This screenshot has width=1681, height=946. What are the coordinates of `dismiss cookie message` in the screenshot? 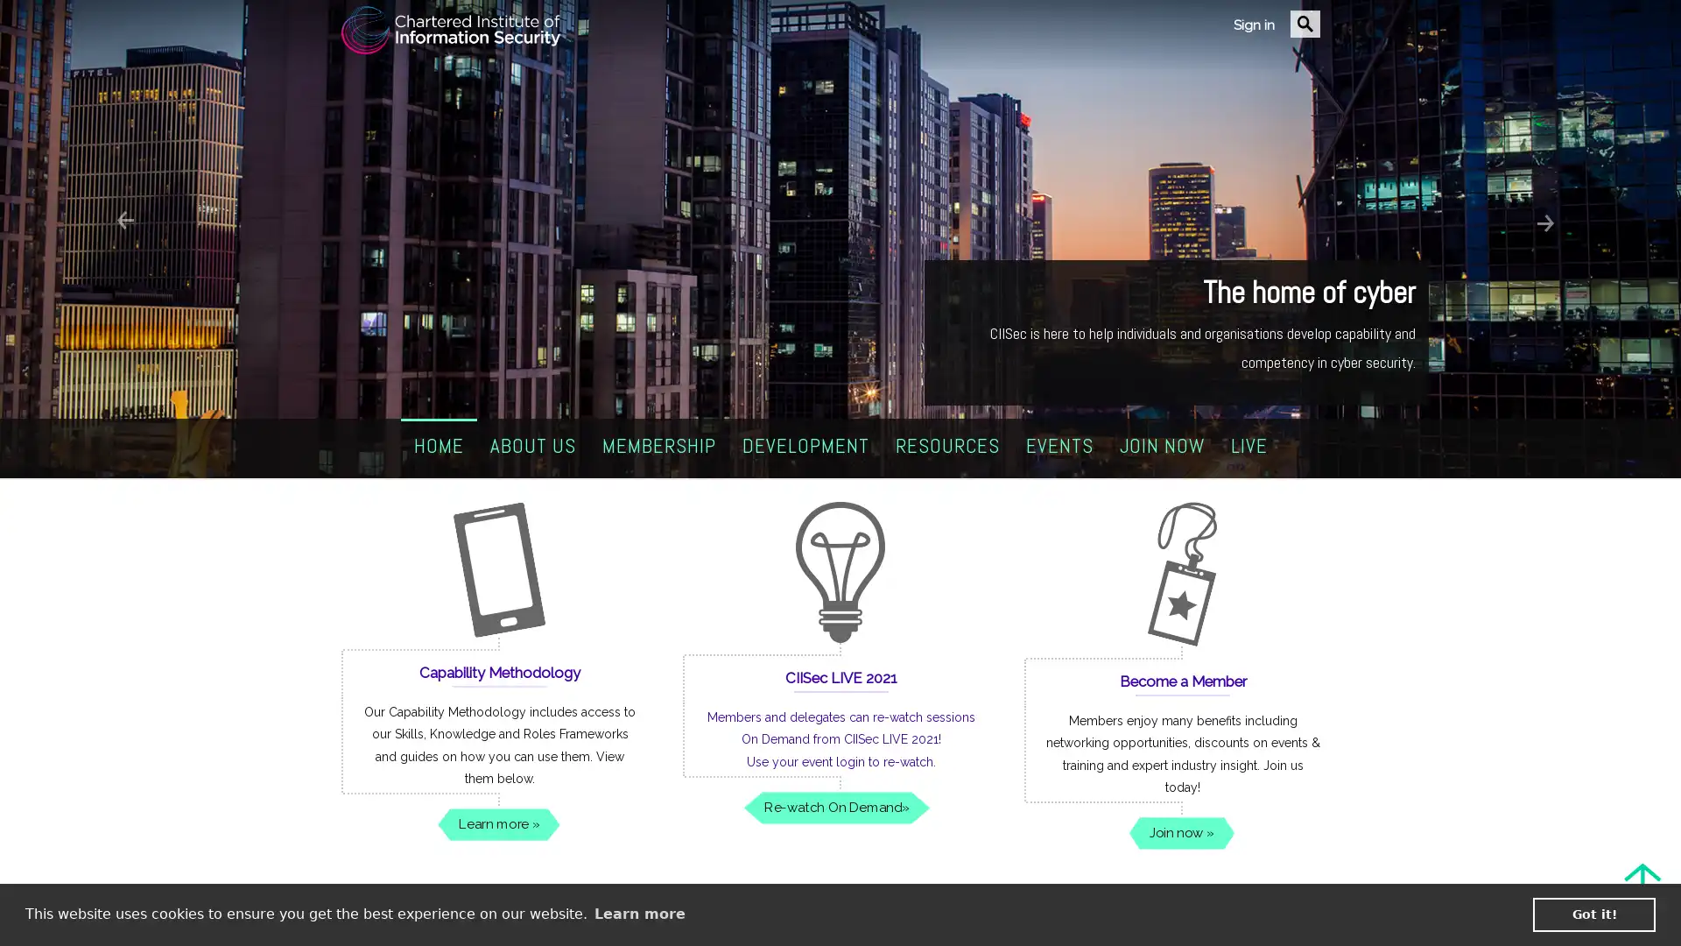 It's located at (1593, 914).